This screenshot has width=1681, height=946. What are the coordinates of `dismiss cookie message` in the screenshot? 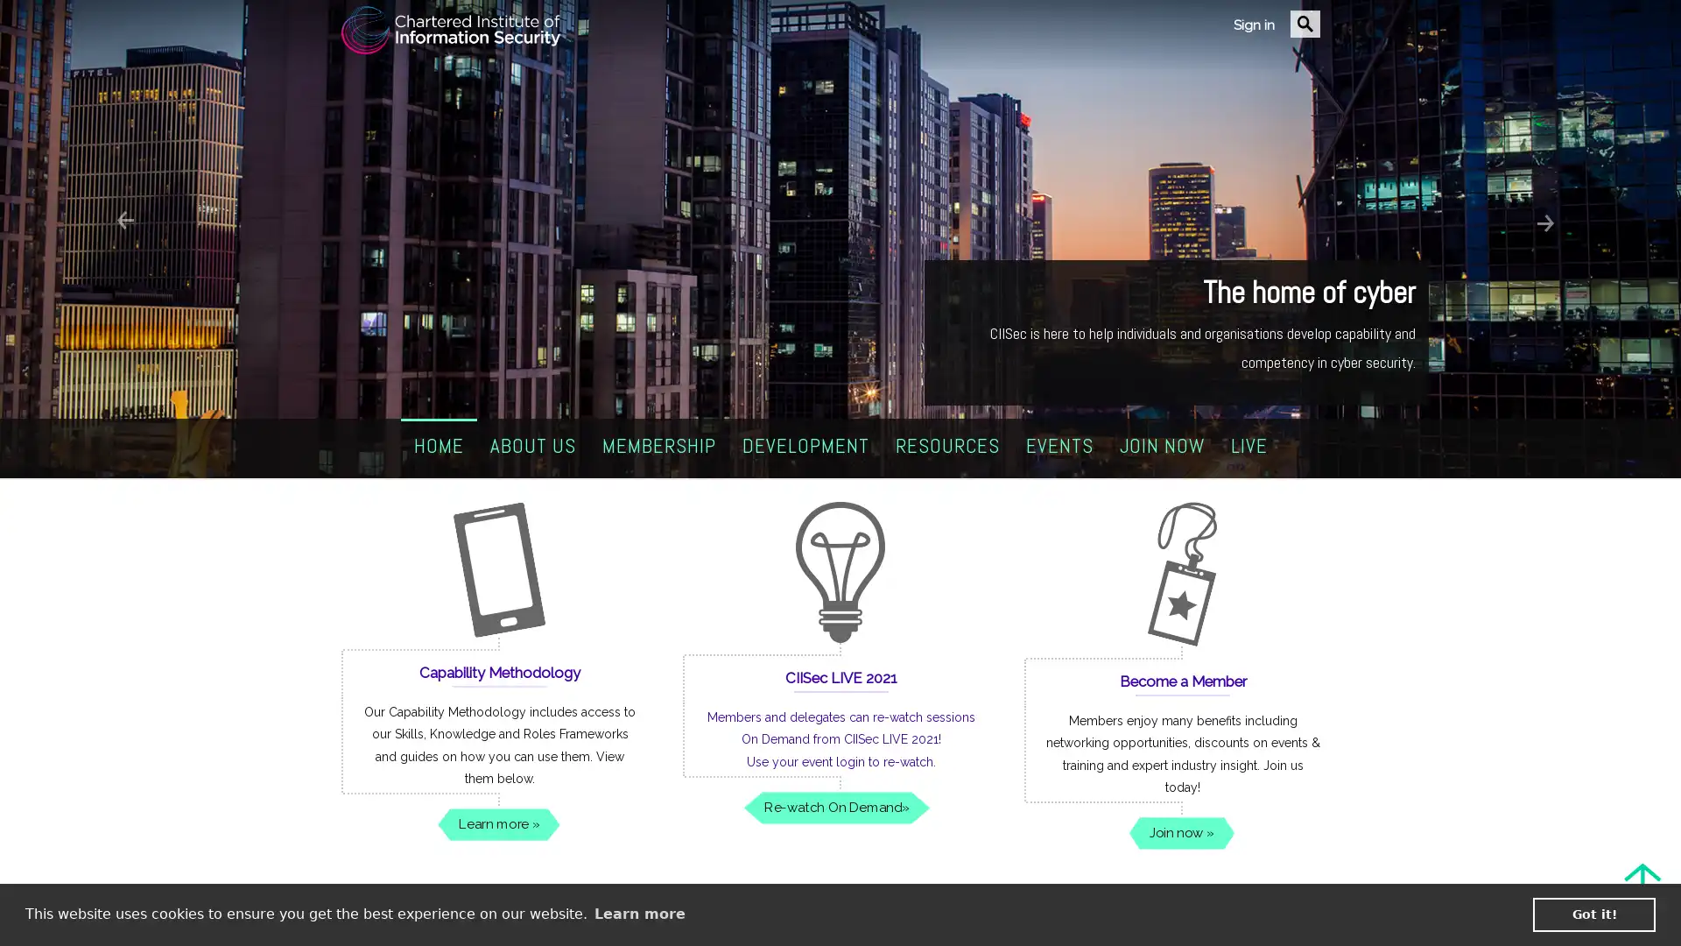 It's located at (1593, 914).